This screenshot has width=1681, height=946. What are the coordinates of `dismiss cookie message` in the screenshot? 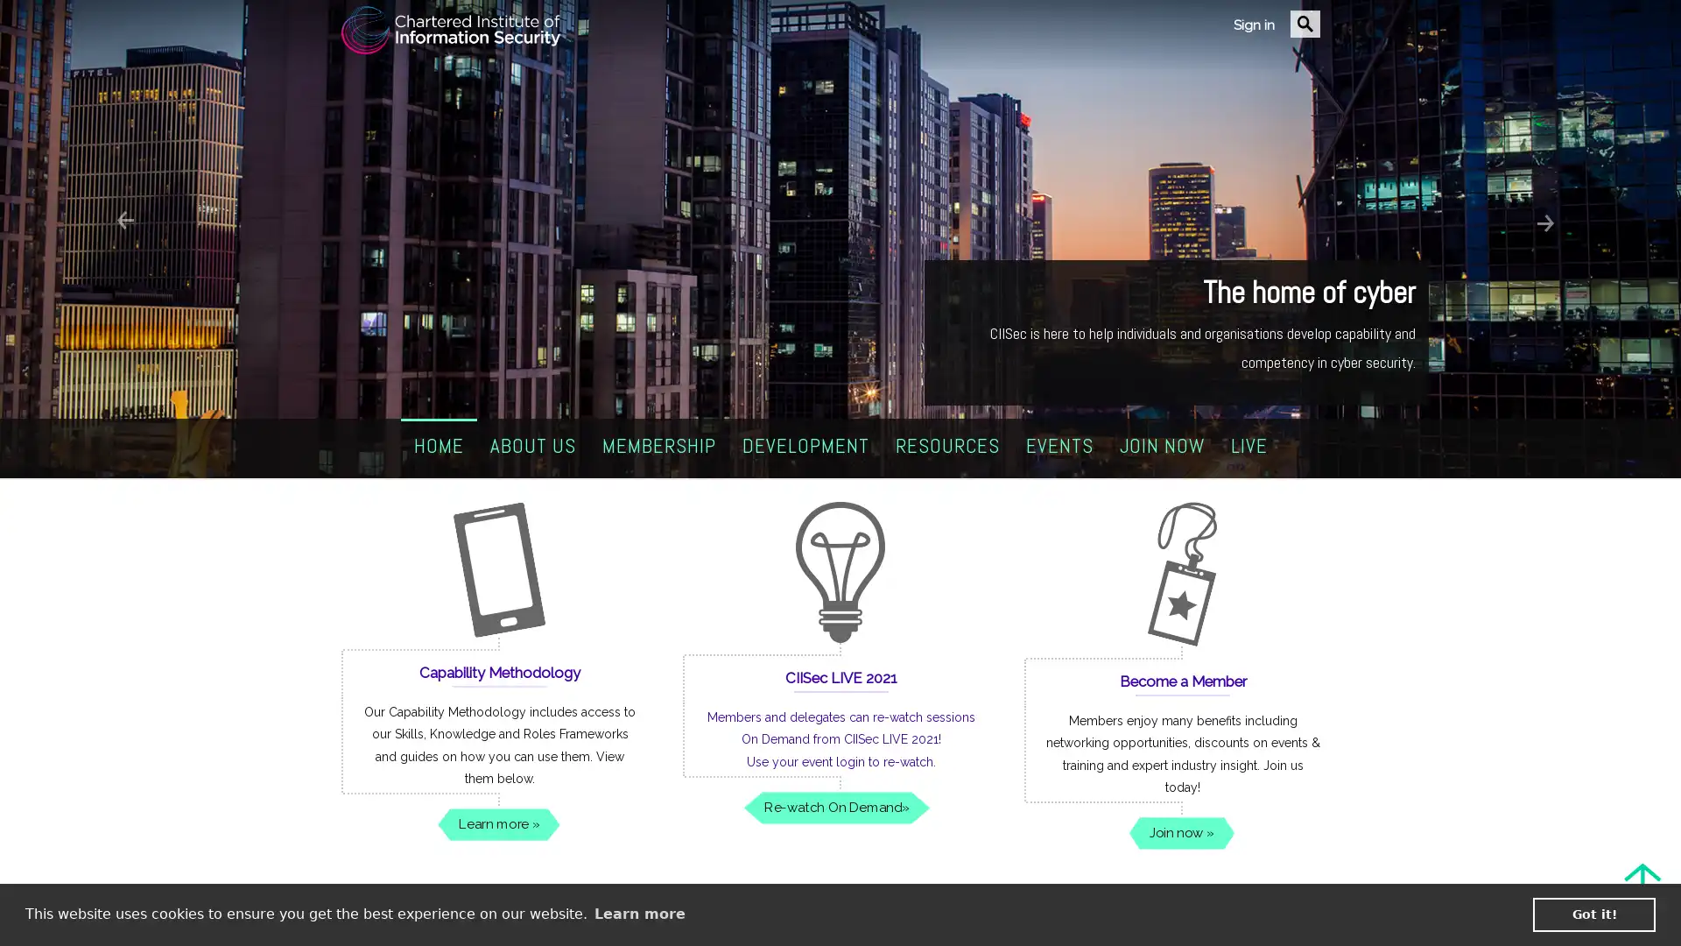 It's located at (1593, 914).